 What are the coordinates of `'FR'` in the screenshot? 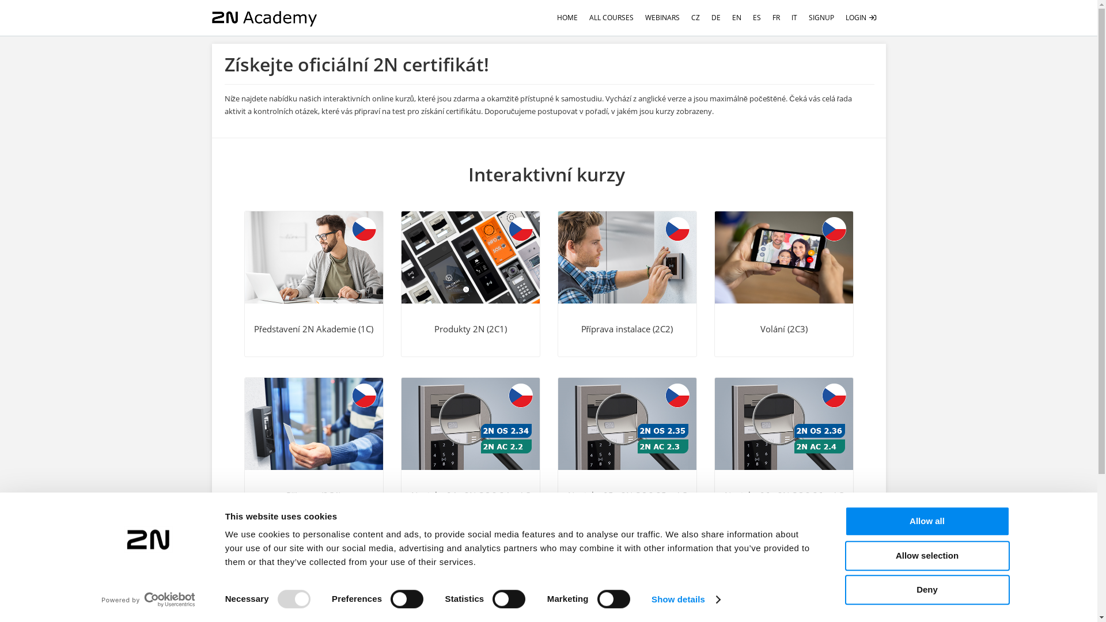 It's located at (776, 17).